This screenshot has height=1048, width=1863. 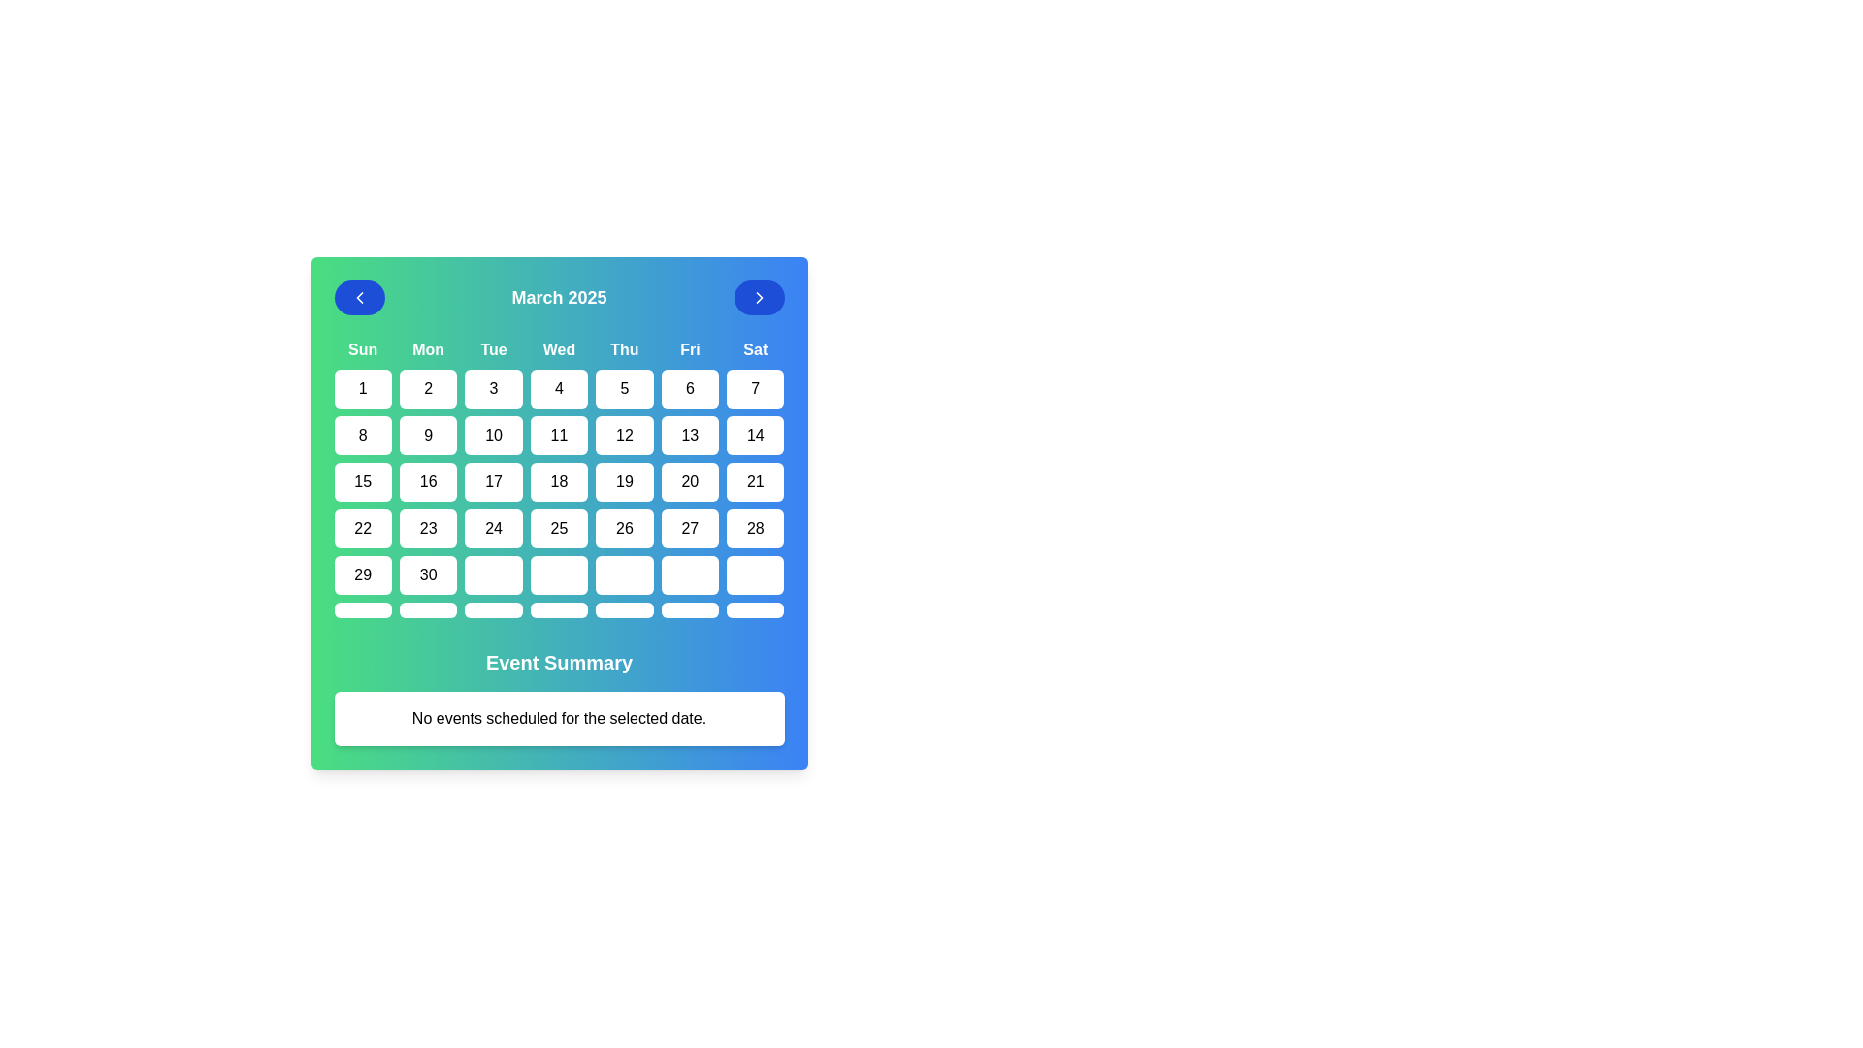 What do you see at coordinates (754, 350) in the screenshot?
I see `the static text label indicating 'Sat' in the calendar's header, positioned as the last element in the topmost row of the calendar component` at bounding box center [754, 350].